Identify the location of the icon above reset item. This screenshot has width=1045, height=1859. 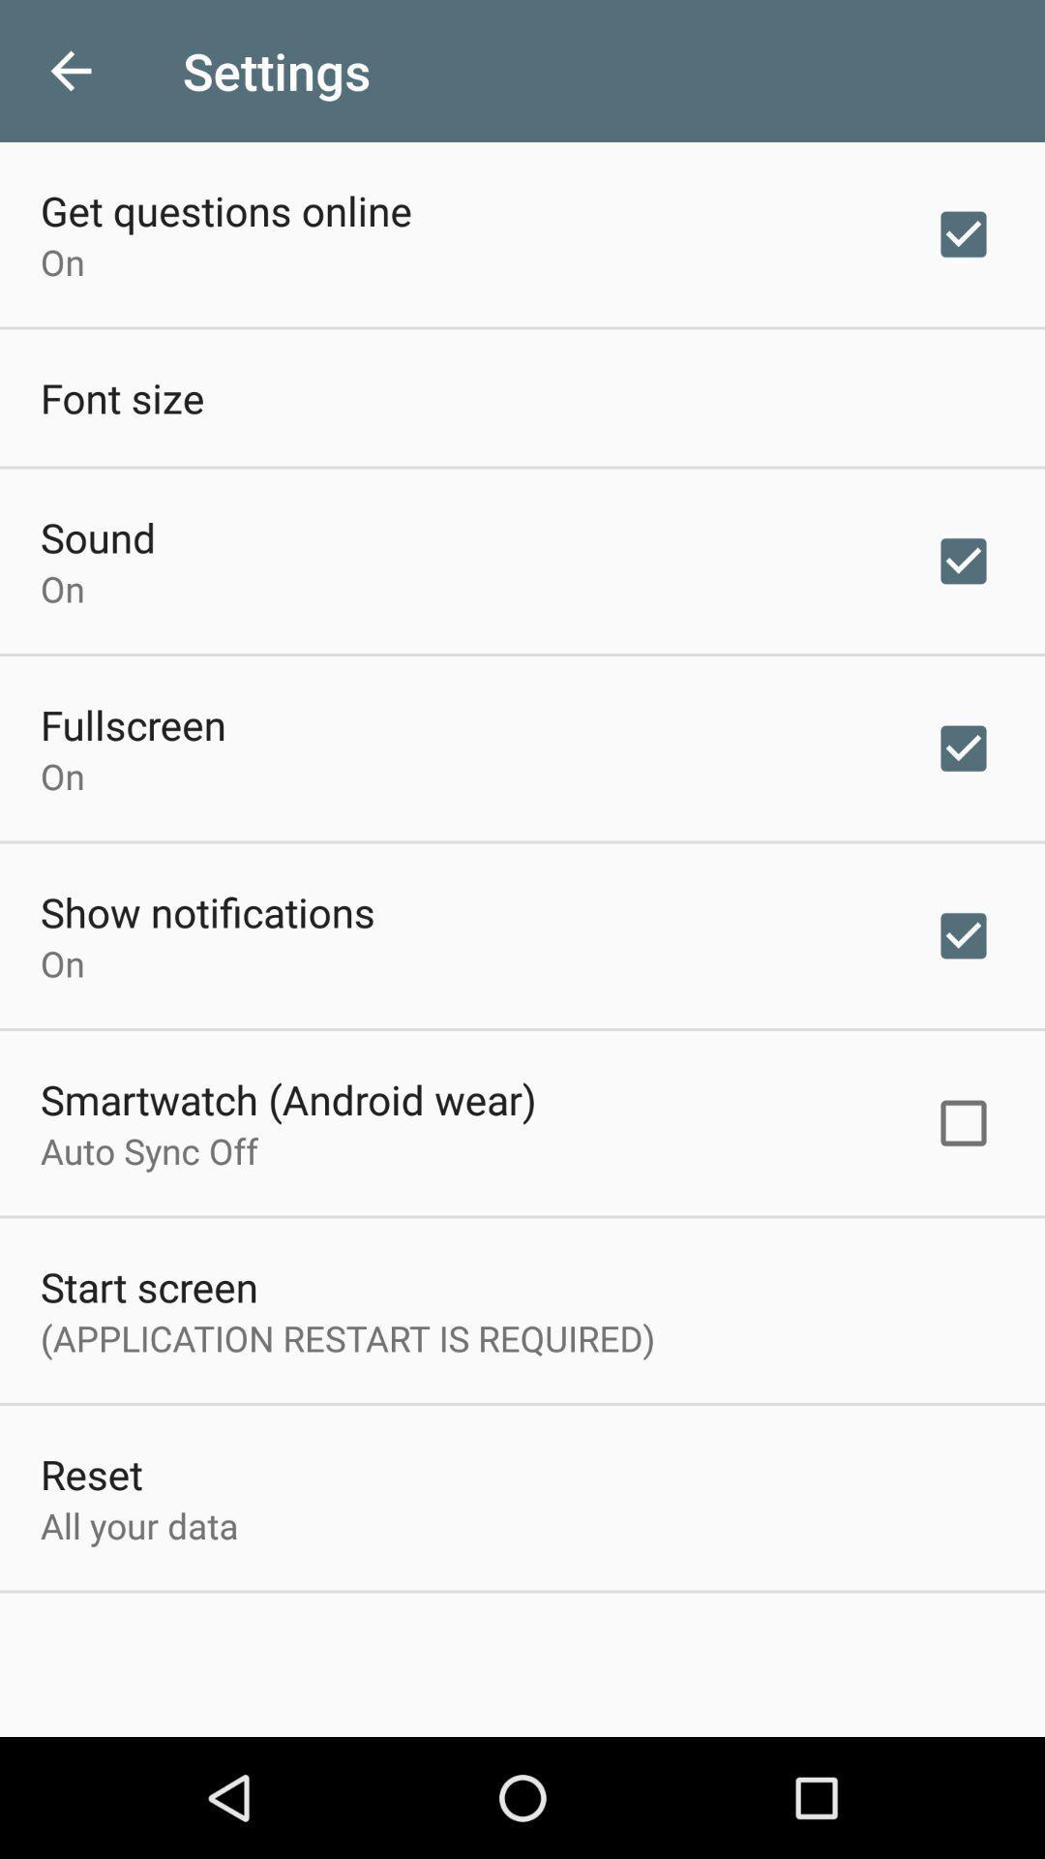
(346, 1337).